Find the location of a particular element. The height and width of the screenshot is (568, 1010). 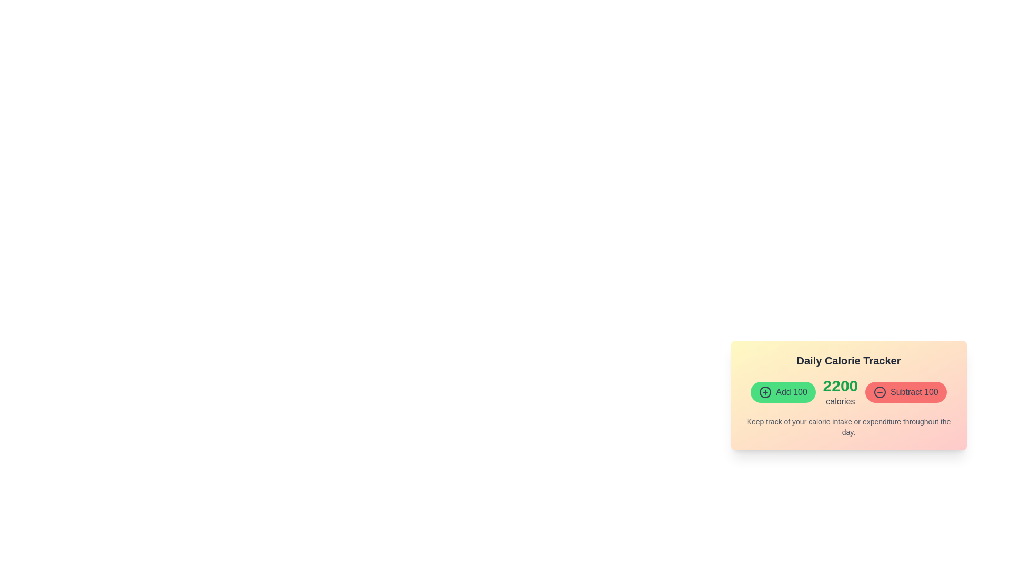

the 'Subtract 100' button, a rounded rectangular button with a red background and bold dark gray text, to interact via keyboard input is located at coordinates (905, 392).